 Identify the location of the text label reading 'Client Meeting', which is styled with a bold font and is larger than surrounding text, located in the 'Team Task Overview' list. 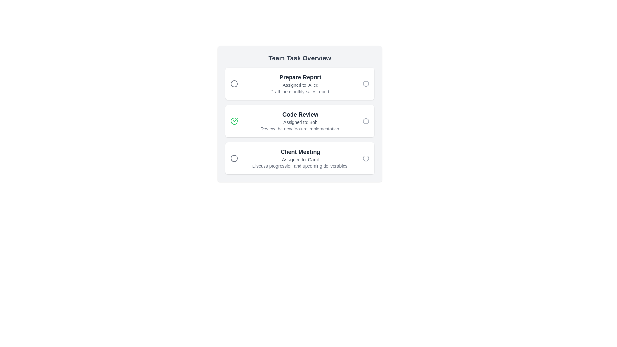
(300, 152).